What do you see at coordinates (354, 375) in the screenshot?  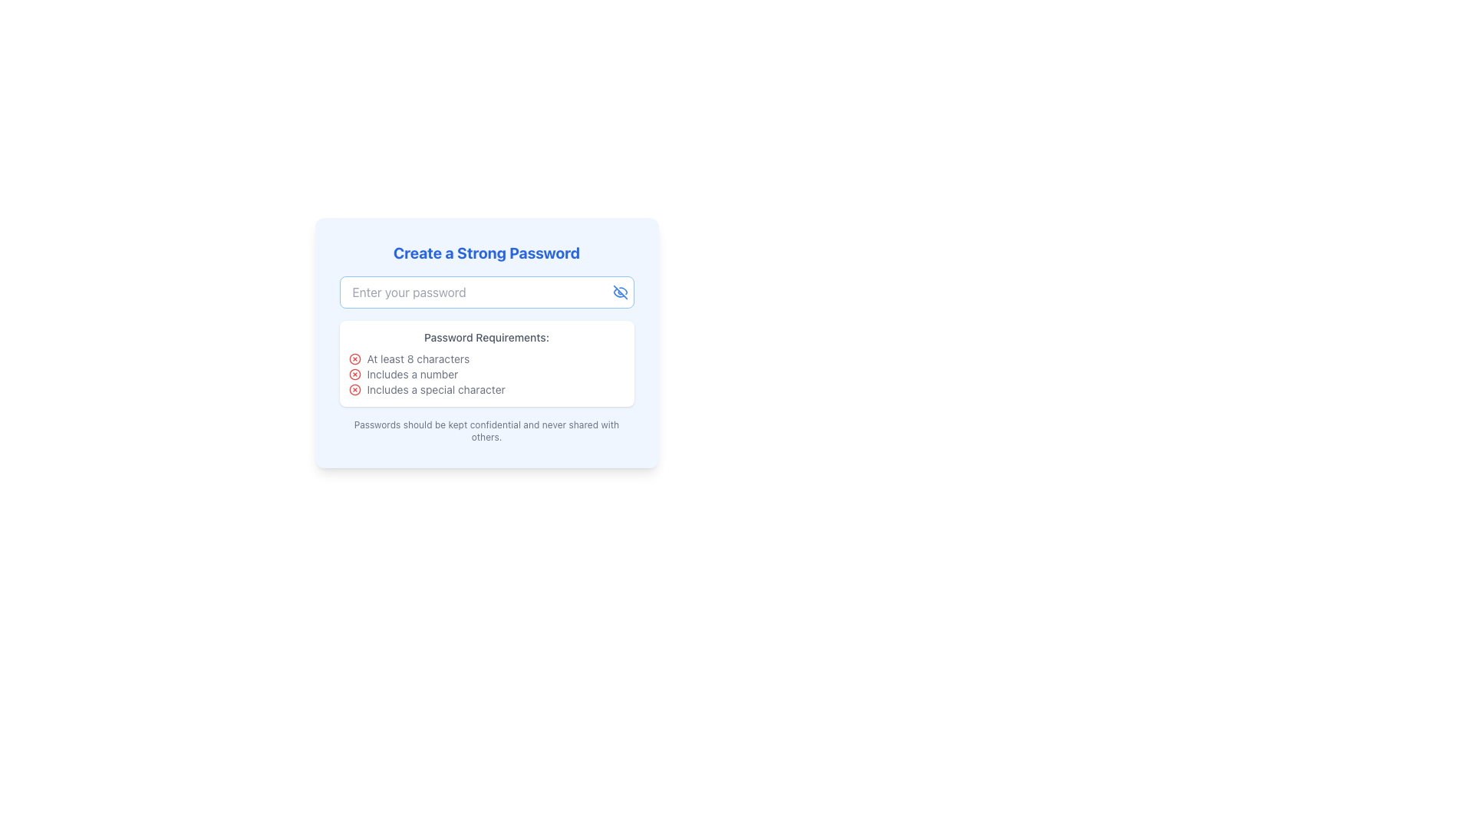 I see `the icon indicating that the password requirement 'Includes a number' has not been fulfilled, located to the left of the text 'Includes a number' in the password requirements section` at bounding box center [354, 375].